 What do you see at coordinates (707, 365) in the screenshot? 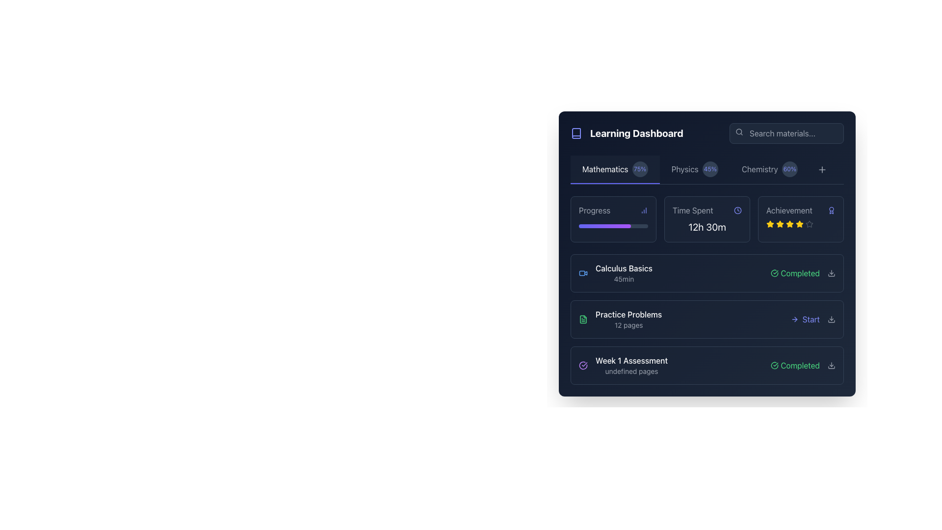
I see `the task card labeled 'Week 1 Assessment' that indicates 'Completed' status, located at the bottom of the vertical list on the right side of the dashboard interface` at bounding box center [707, 365].